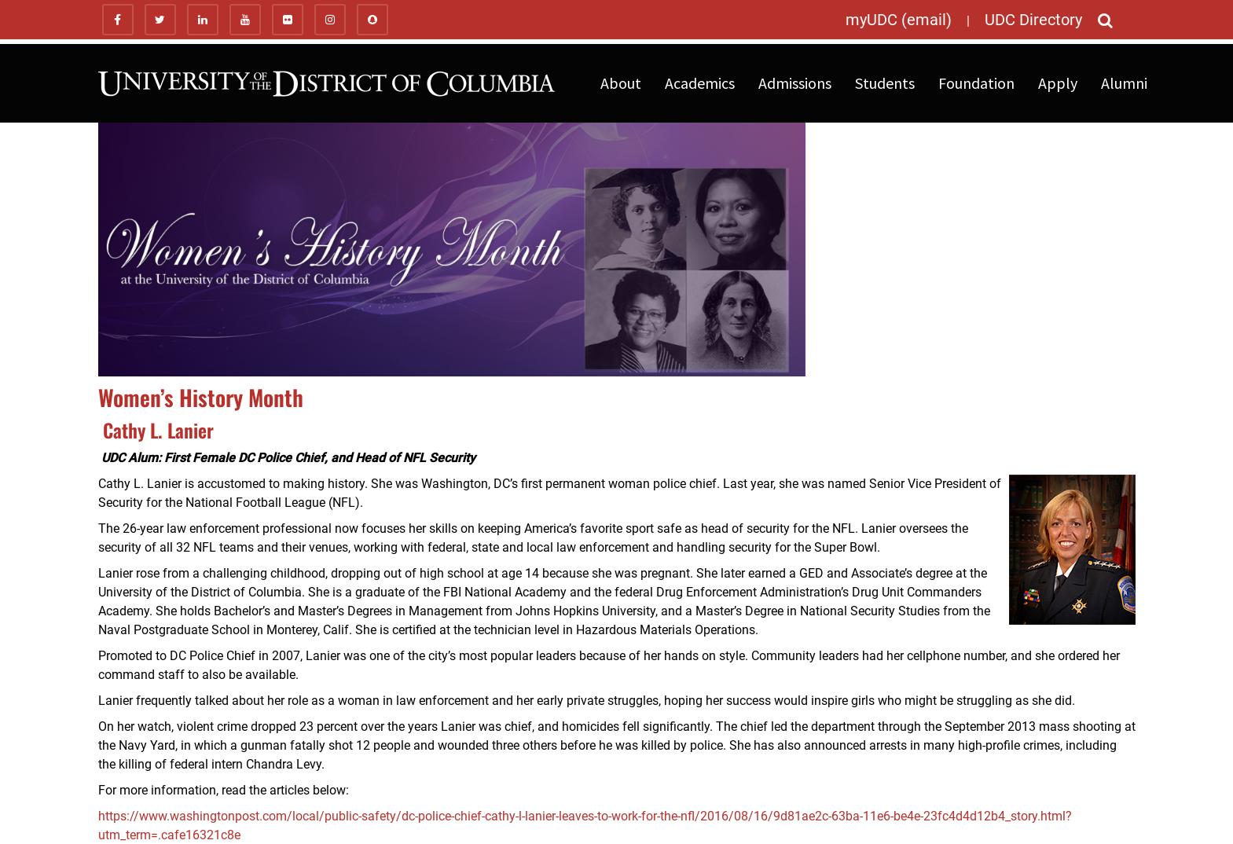 The height and width of the screenshot is (844, 1233). What do you see at coordinates (96, 665) in the screenshot?
I see `'Promoted to DC Police Chief in 2007, Lanier was one of the city’s most popular leaders because of her hands on style. Community leaders had her cellphone number, and she ordered her command staff to also be available.'` at bounding box center [96, 665].